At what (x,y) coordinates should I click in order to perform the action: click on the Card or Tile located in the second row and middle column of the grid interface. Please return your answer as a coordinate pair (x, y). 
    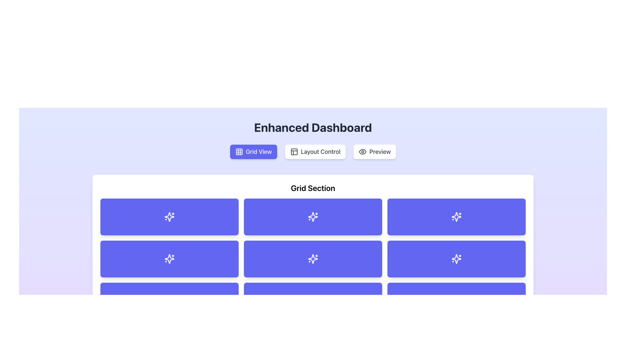
    Looking at the image, I should click on (312, 258).